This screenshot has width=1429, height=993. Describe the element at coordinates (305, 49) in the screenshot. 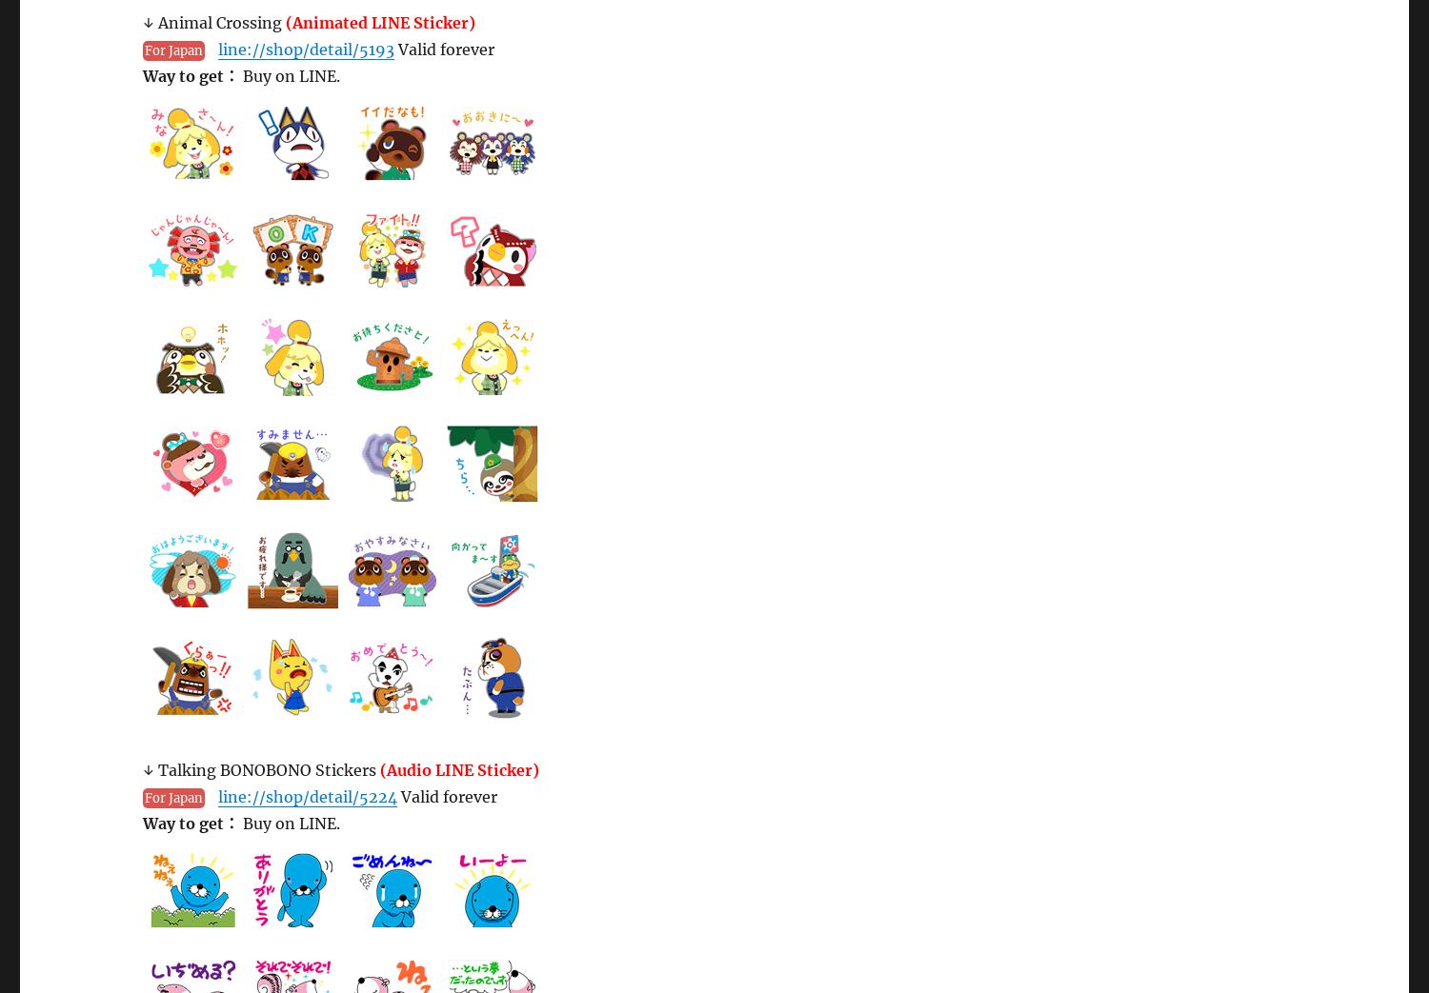

I see `'line://shop/detail/5193'` at that location.